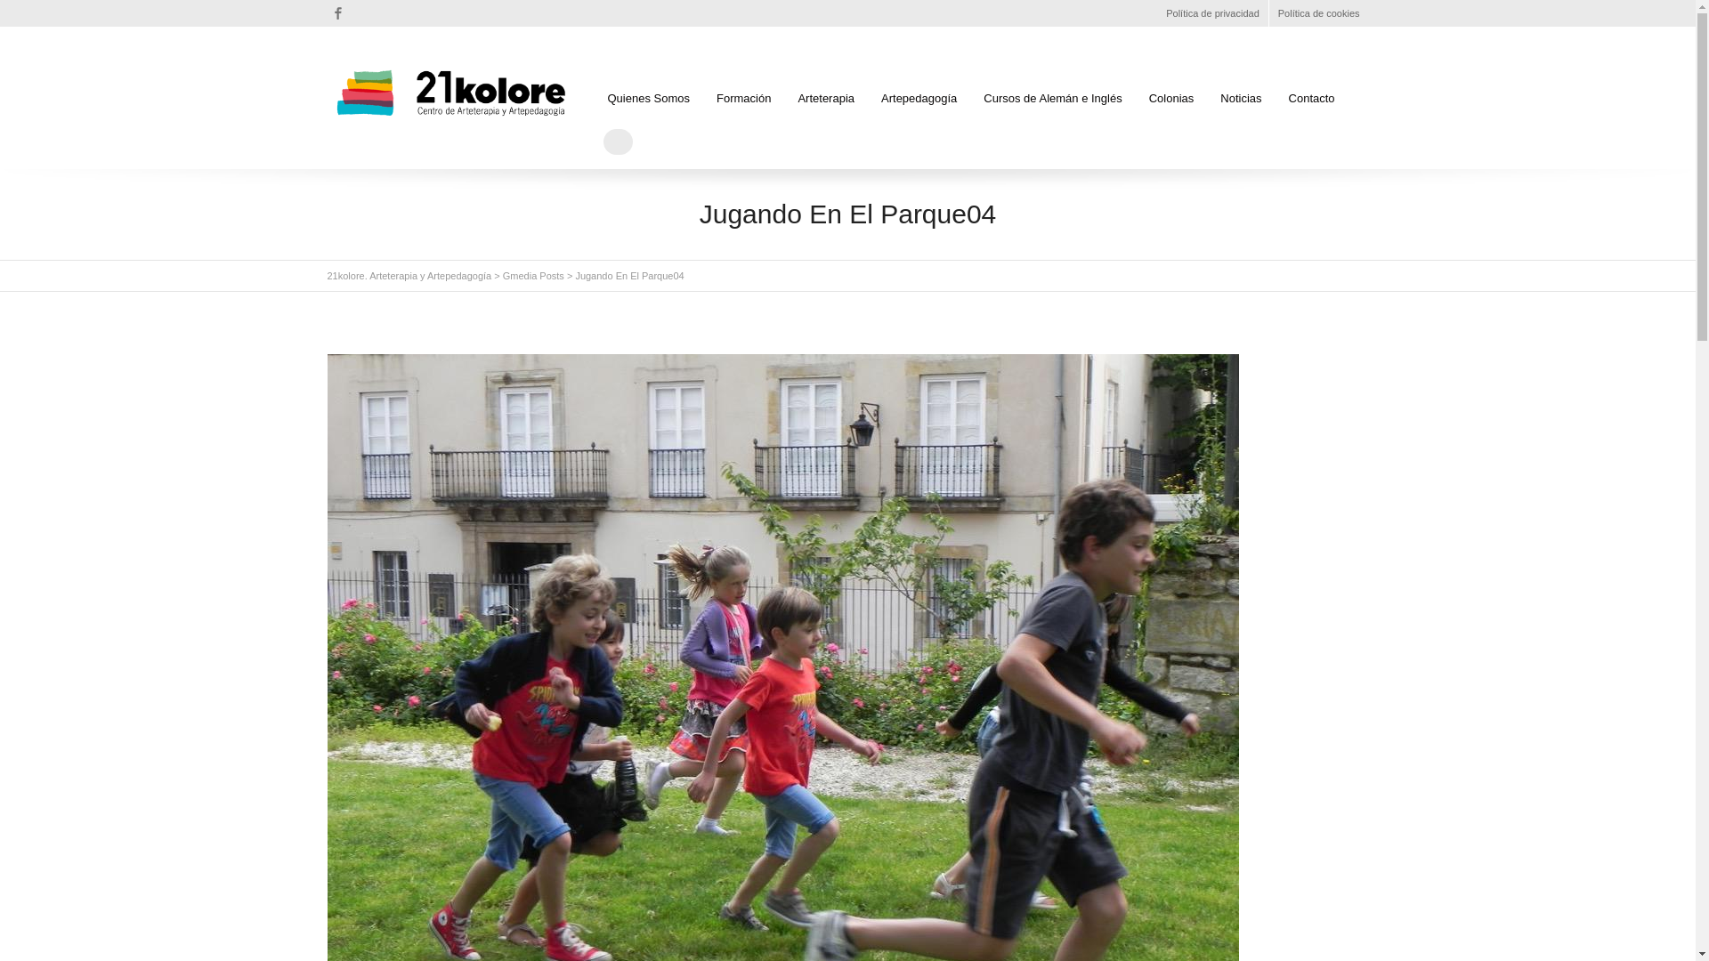 Image resolution: width=1709 pixels, height=961 pixels. What do you see at coordinates (824, 99) in the screenshot?
I see `'Arteterapia'` at bounding box center [824, 99].